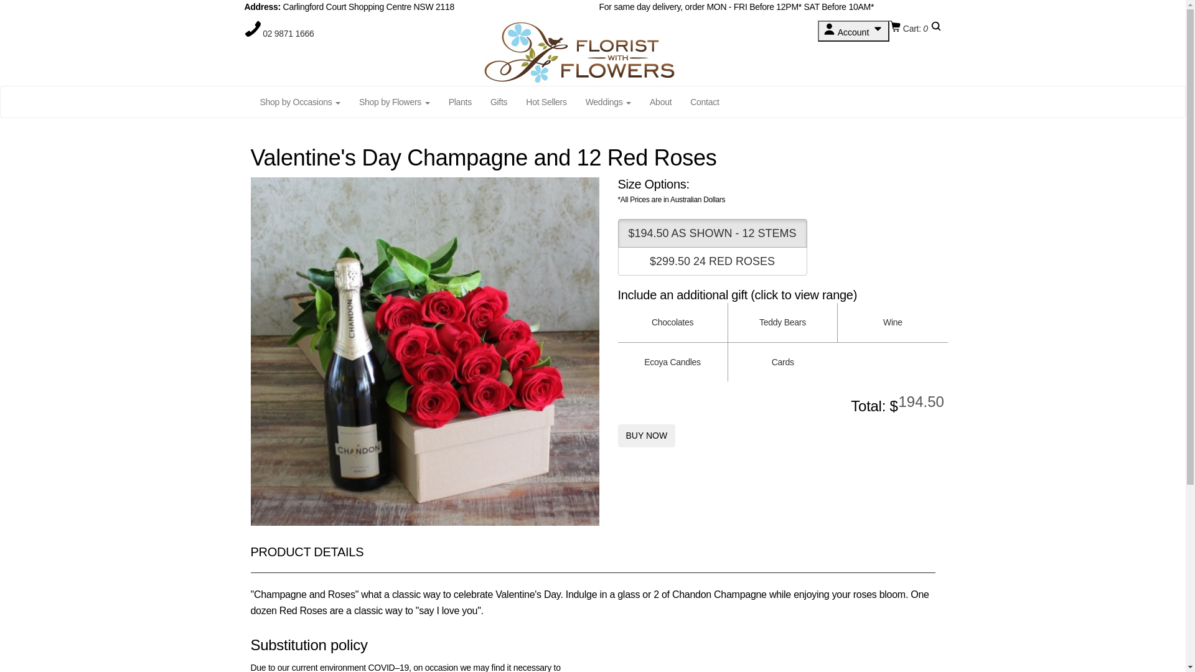  What do you see at coordinates (892, 321) in the screenshot?
I see `'Wine'` at bounding box center [892, 321].